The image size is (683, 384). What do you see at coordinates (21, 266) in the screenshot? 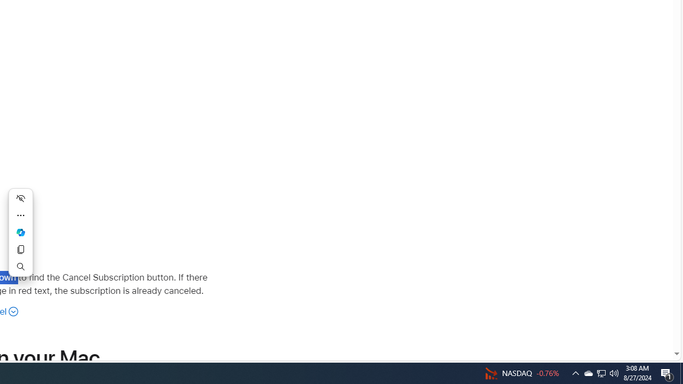
I see `'Search'` at bounding box center [21, 266].